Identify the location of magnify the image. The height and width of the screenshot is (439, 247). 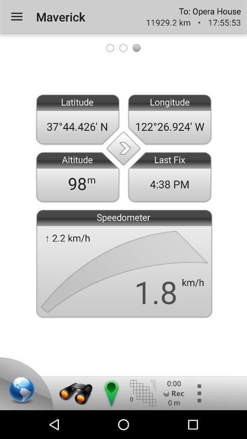
(75, 393).